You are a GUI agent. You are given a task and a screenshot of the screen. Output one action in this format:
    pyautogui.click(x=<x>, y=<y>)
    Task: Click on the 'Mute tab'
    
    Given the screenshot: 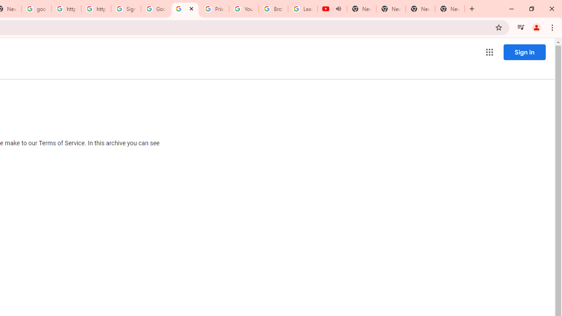 What is the action you would take?
    pyautogui.click(x=338, y=9)
    